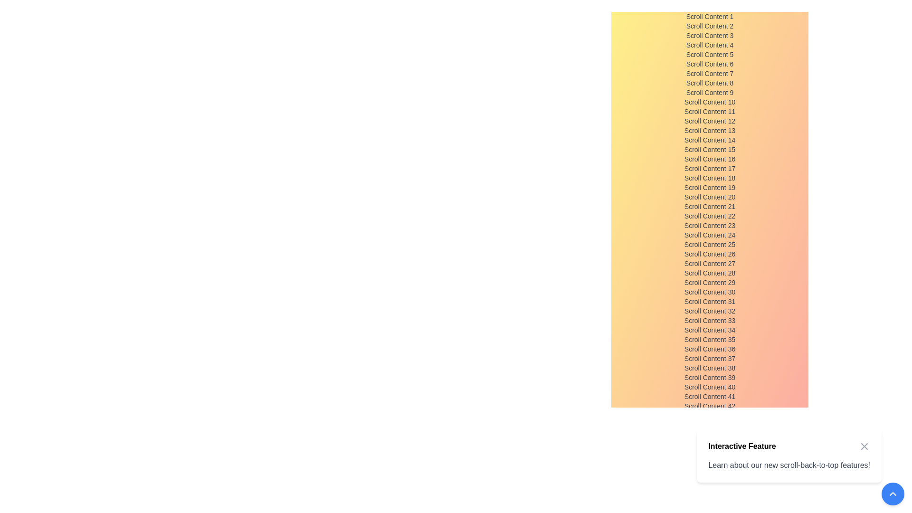 Image resolution: width=912 pixels, height=513 pixels. What do you see at coordinates (710, 311) in the screenshot?
I see `the text label displaying 'Scroll Content 32', which is the 32nd item in a vertically scrolled list of similar text items` at bounding box center [710, 311].